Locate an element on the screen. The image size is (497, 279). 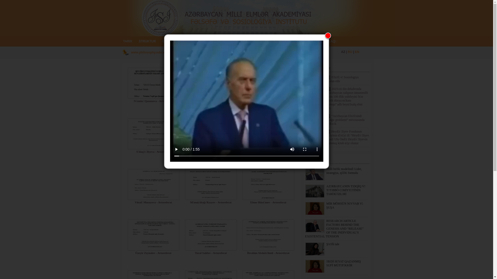
'STRUKTUR' is located at coordinates (147, 41).